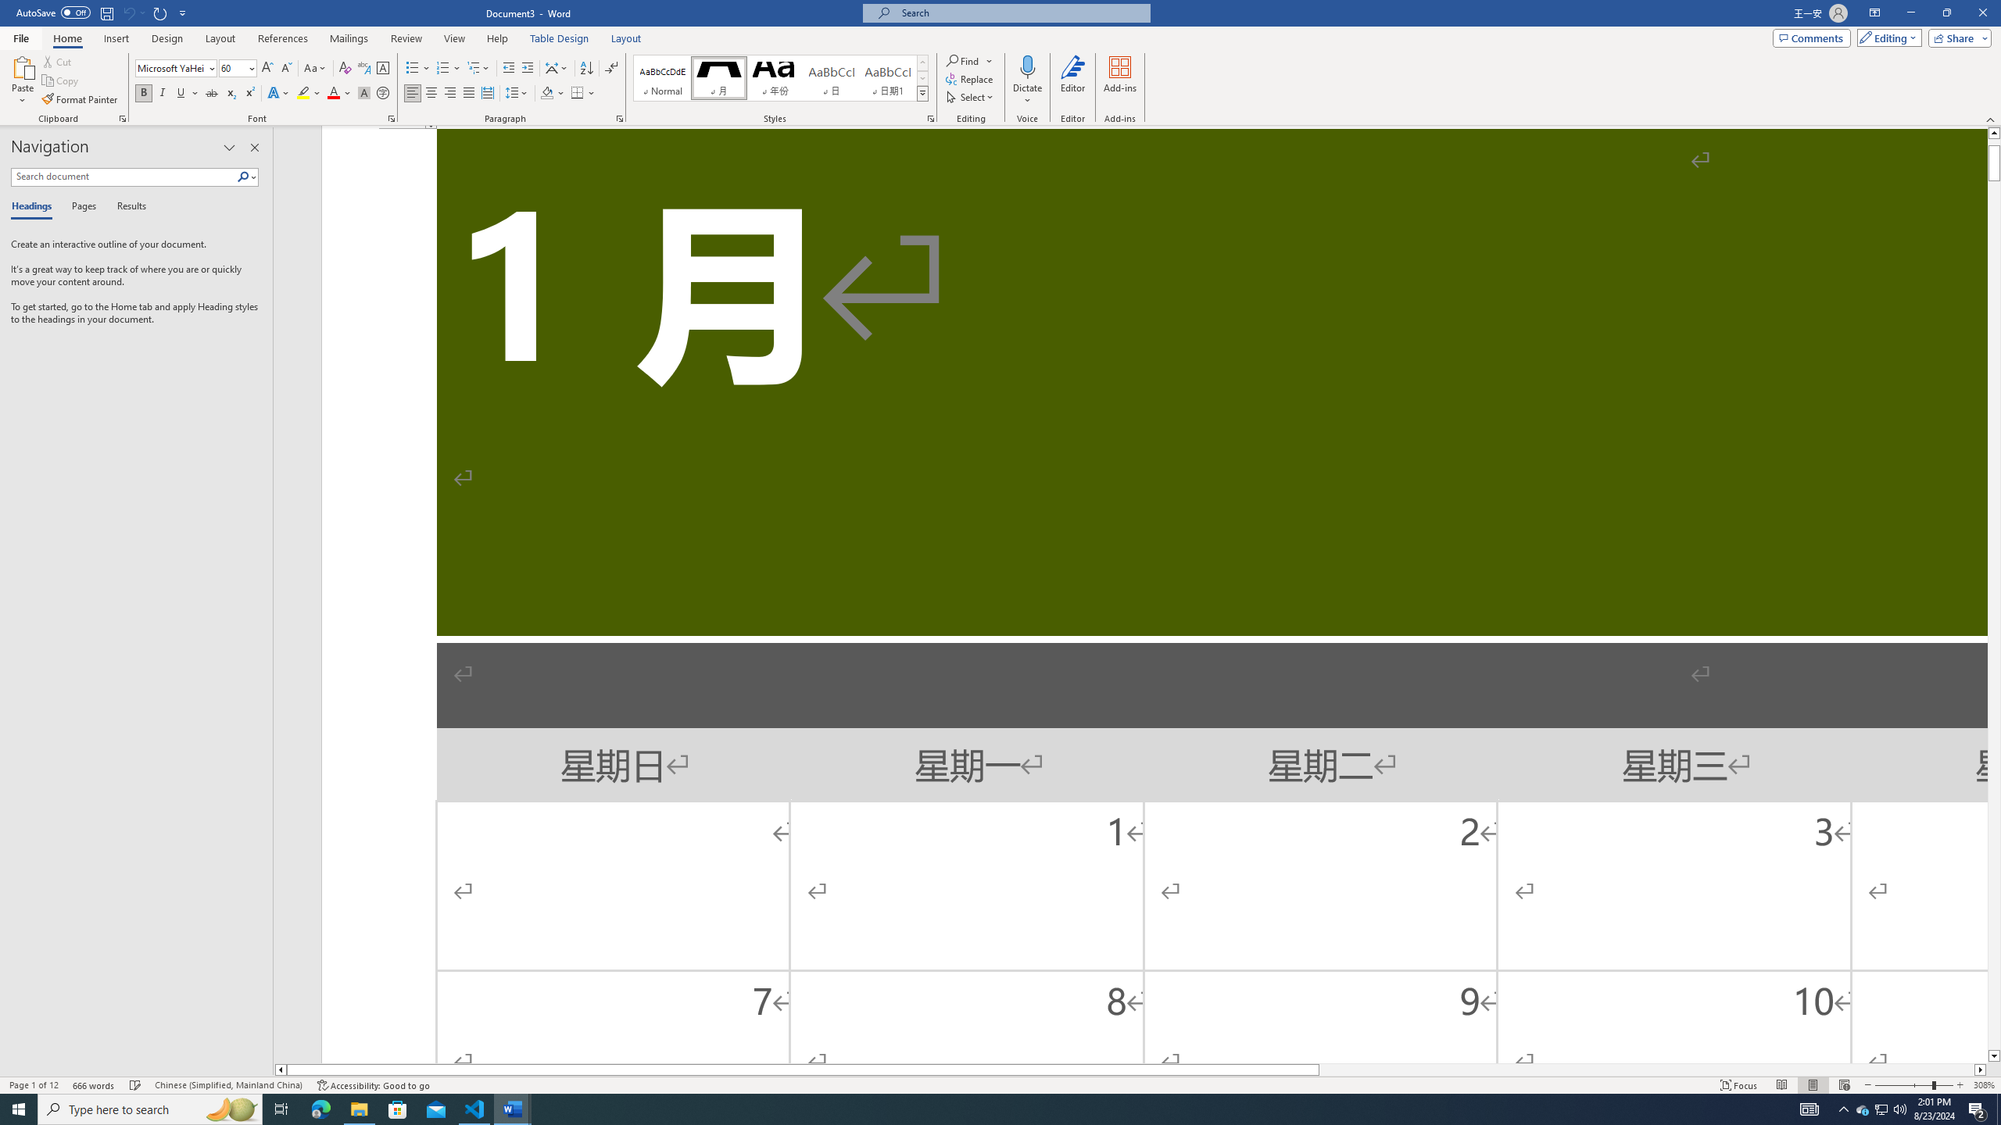  Describe the element at coordinates (127, 12) in the screenshot. I see `'Can'` at that location.